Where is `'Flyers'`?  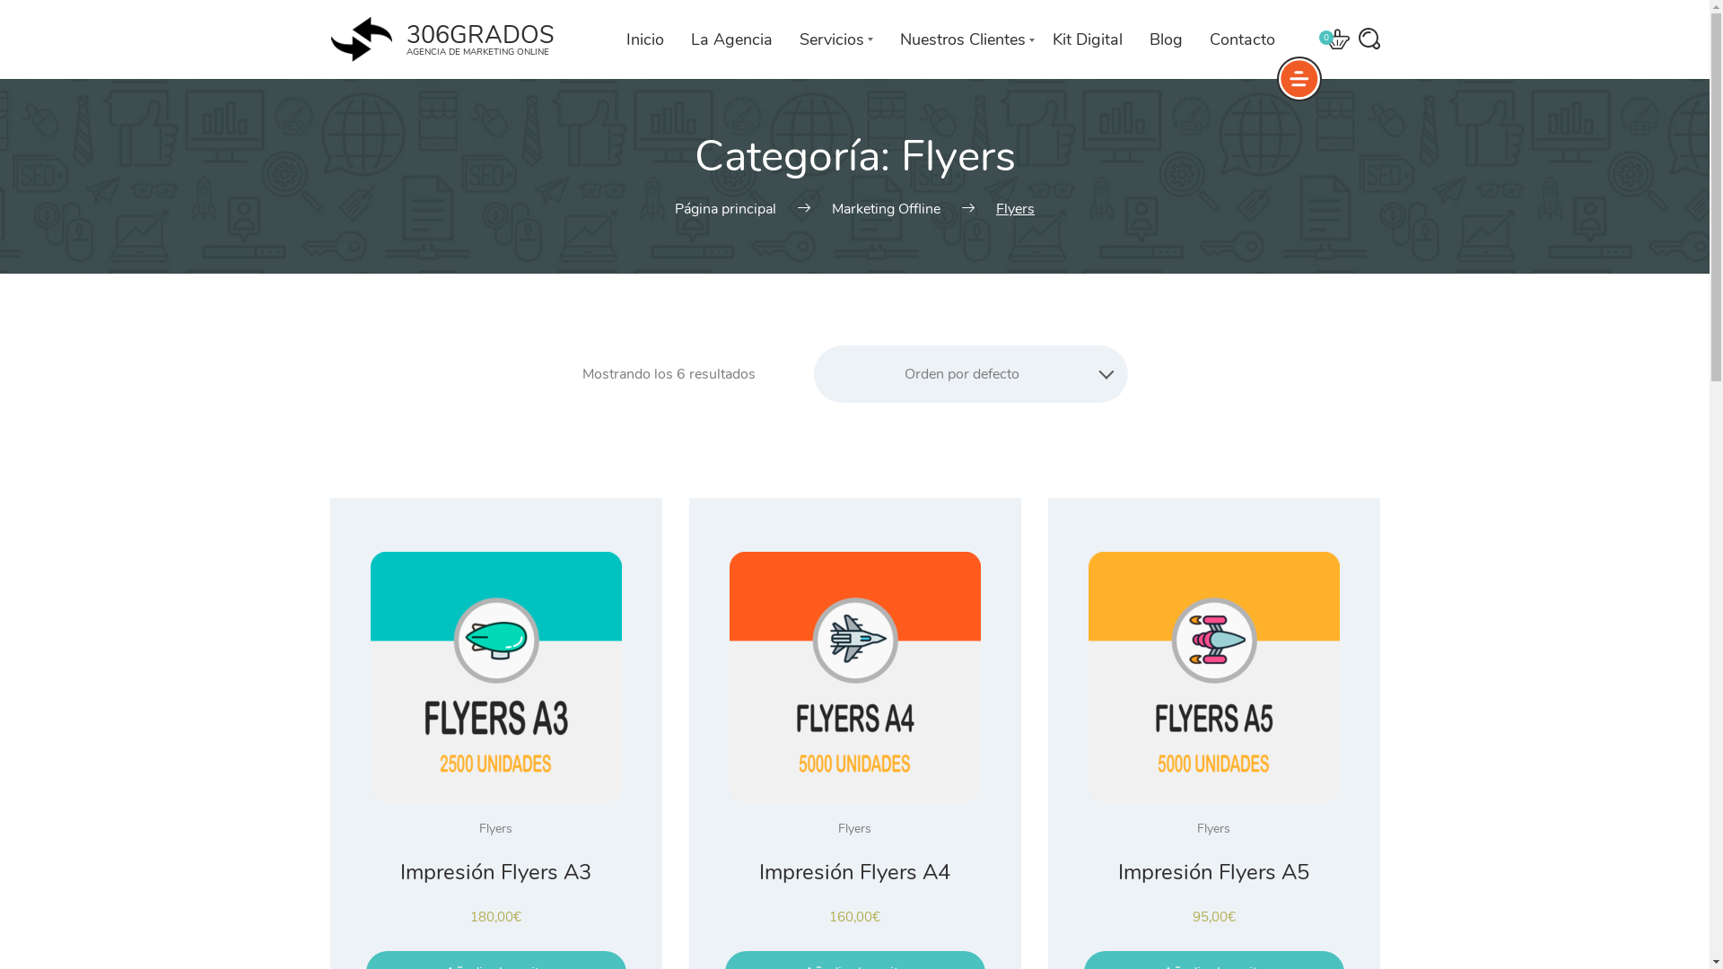 'Flyers' is located at coordinates (1213, 828).